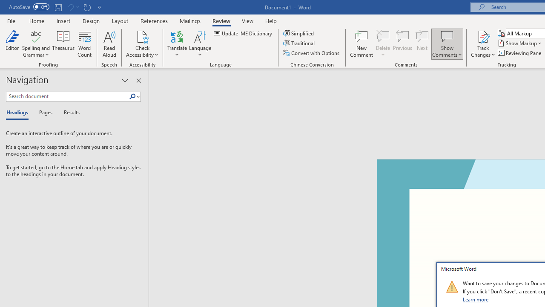 The width and height of the screenshot is (545, 307). What do you see at coordinates (299, 33) in the screenshot?
I see `'Simplified'` at bounding box center [299, 33].